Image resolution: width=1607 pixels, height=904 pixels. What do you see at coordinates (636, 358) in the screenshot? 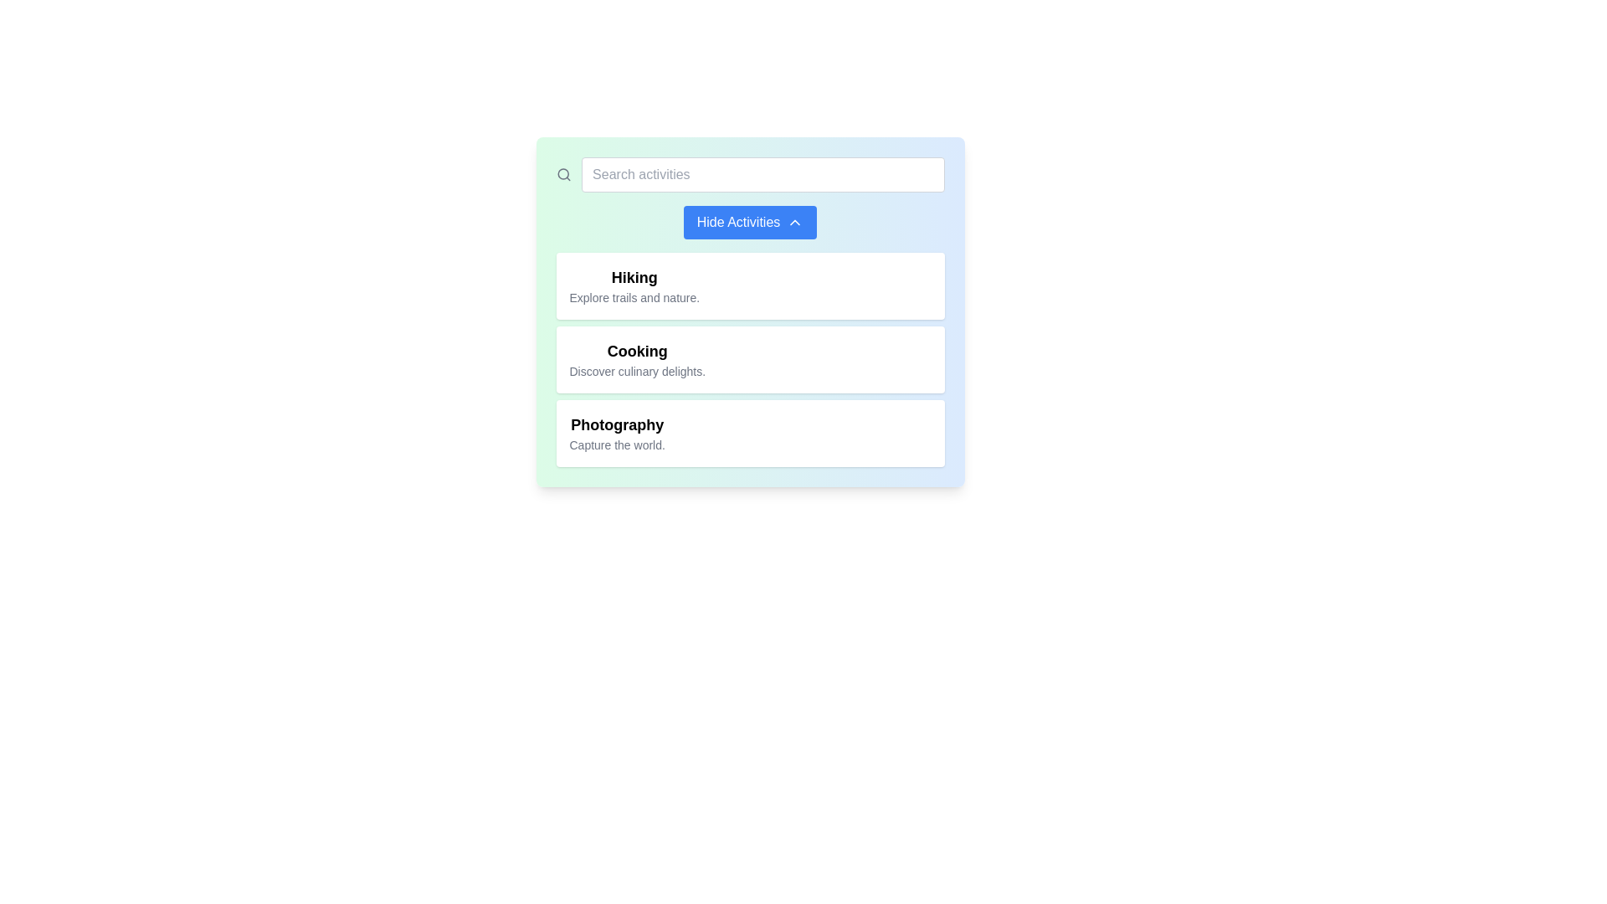
I see `the 'Cooking' selectable menu item for keyboard interaction` at bounding box center [636, 358].